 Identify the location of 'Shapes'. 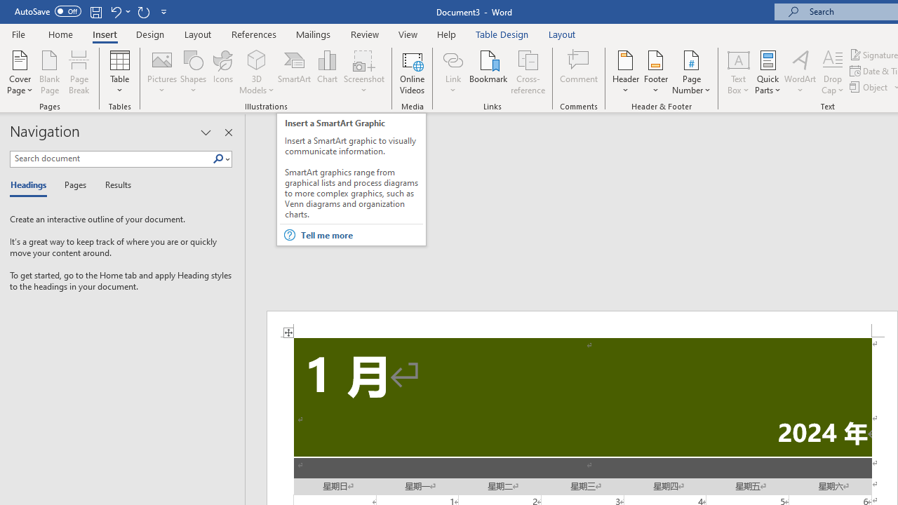
(192, 72).